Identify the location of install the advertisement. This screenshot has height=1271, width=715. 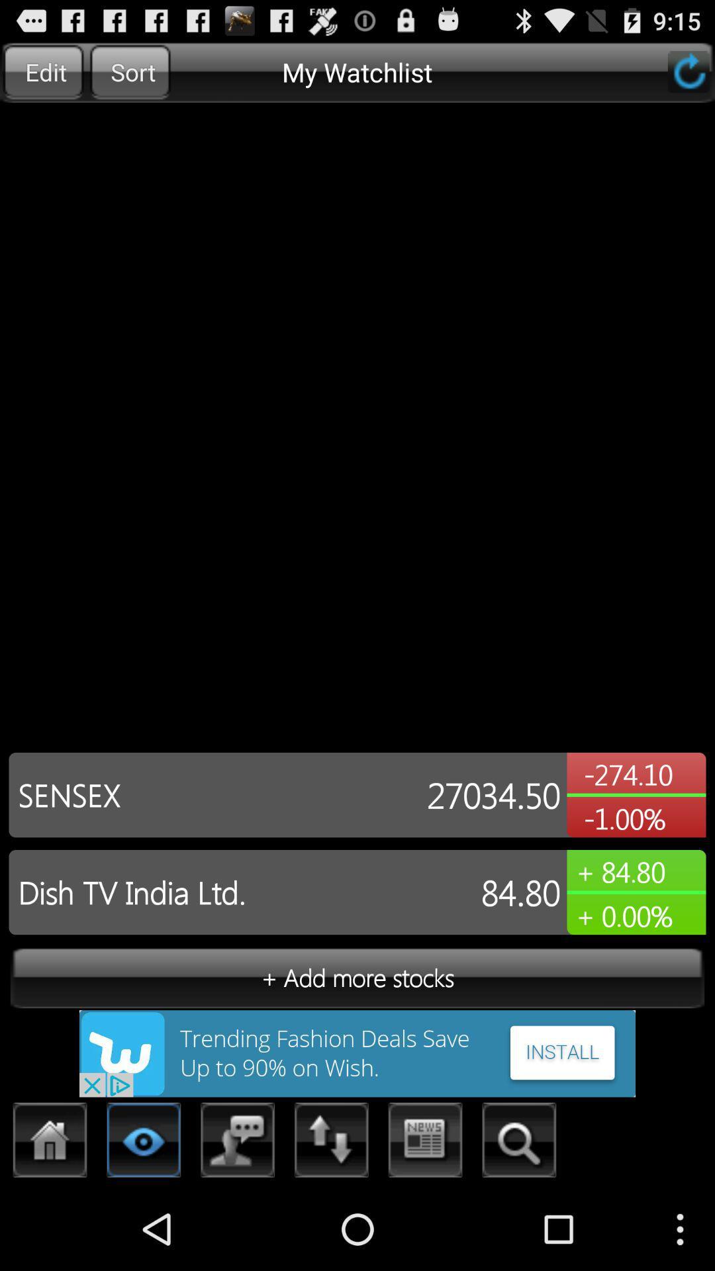
(358, 1053).